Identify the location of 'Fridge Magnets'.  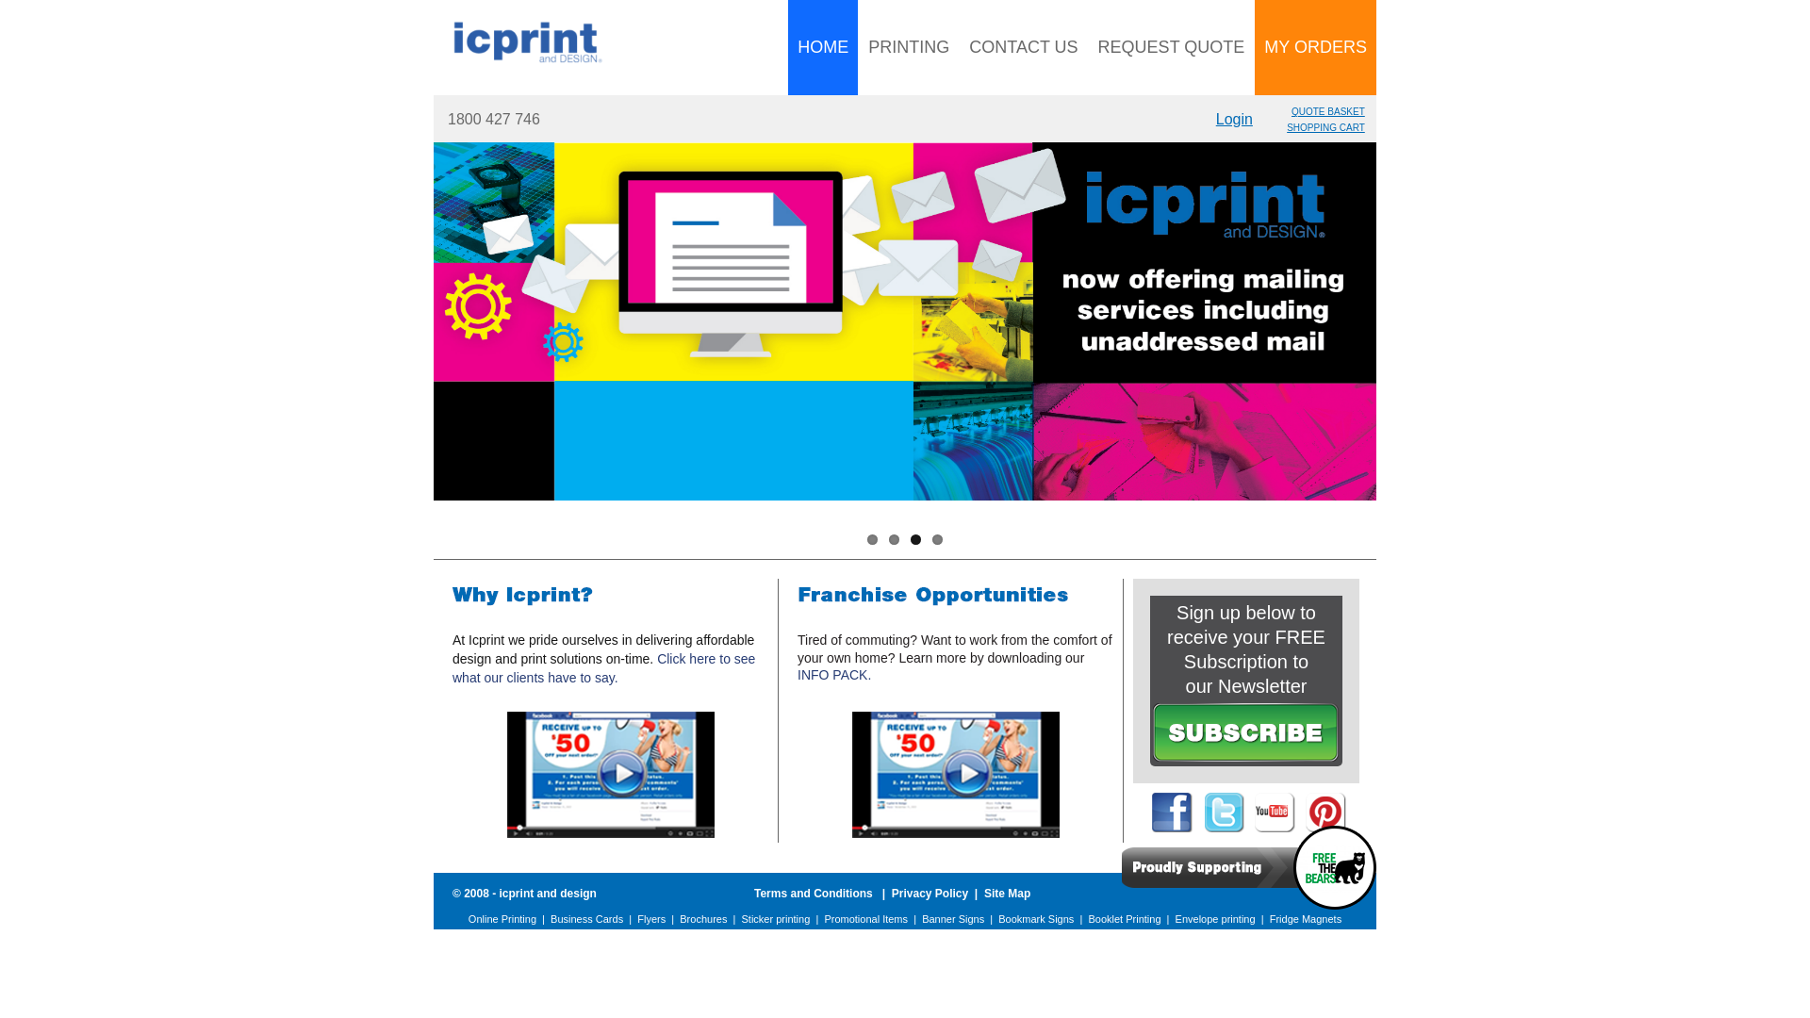
(1305, 918).